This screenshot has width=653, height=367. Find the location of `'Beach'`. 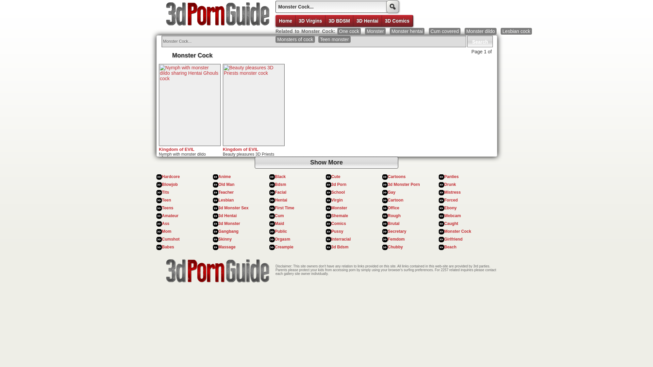

'Beach' is located at coordinates (450, 247).